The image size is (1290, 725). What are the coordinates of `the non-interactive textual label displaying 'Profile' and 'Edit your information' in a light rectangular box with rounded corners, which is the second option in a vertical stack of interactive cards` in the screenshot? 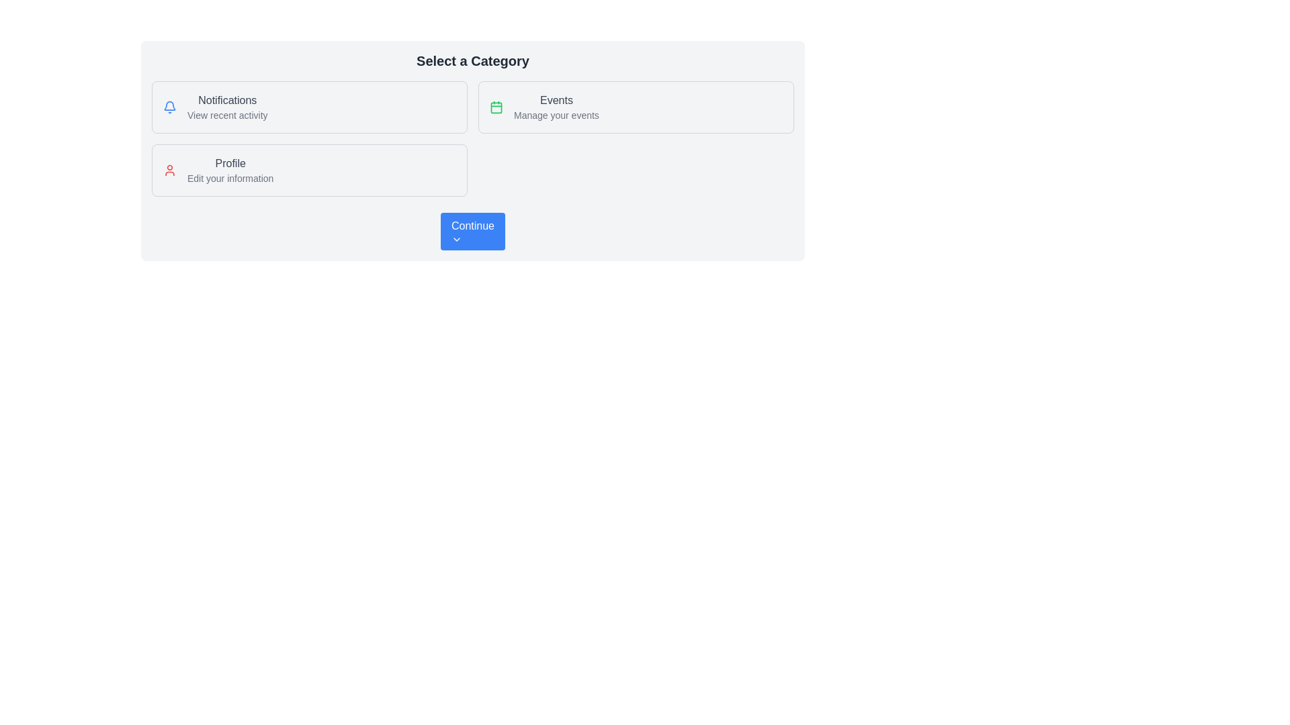 It's located at (230, 170).